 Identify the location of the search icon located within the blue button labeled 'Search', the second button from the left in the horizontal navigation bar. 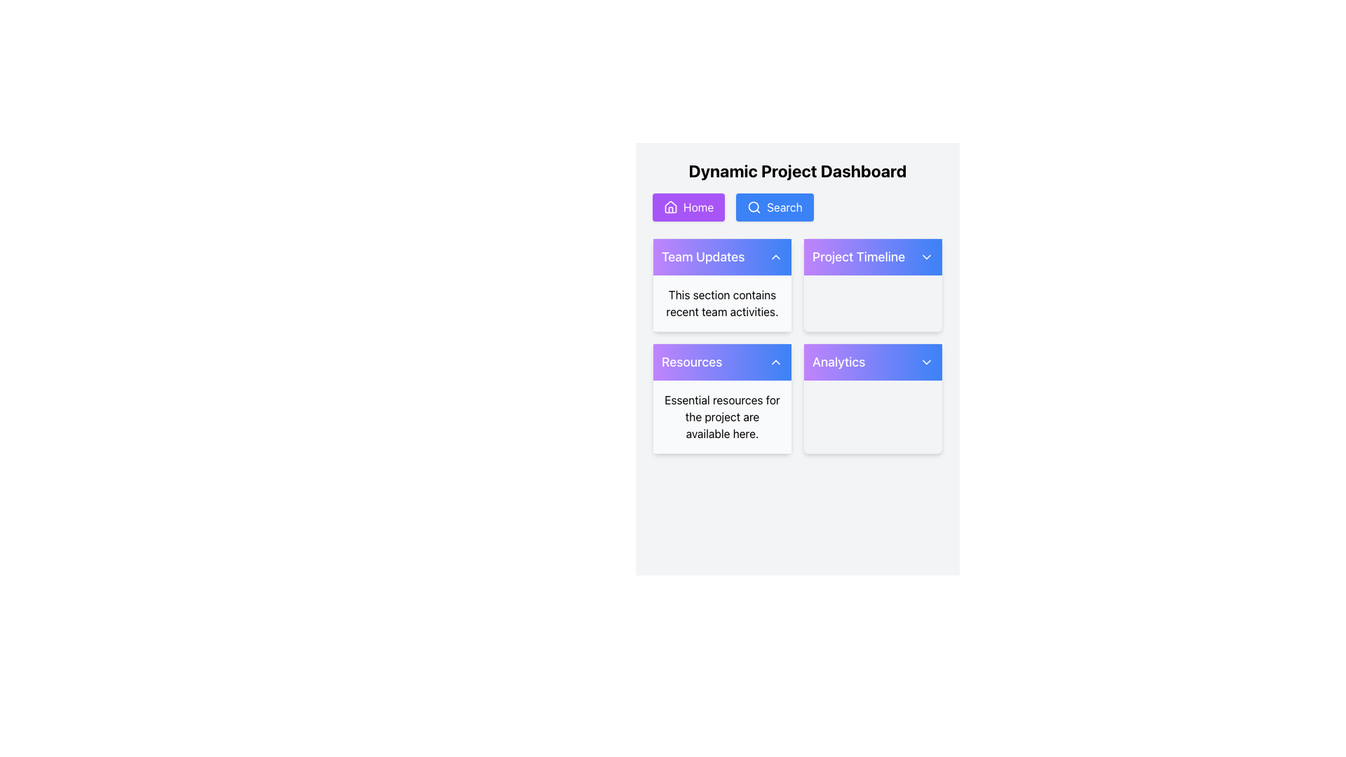
(754, 207).